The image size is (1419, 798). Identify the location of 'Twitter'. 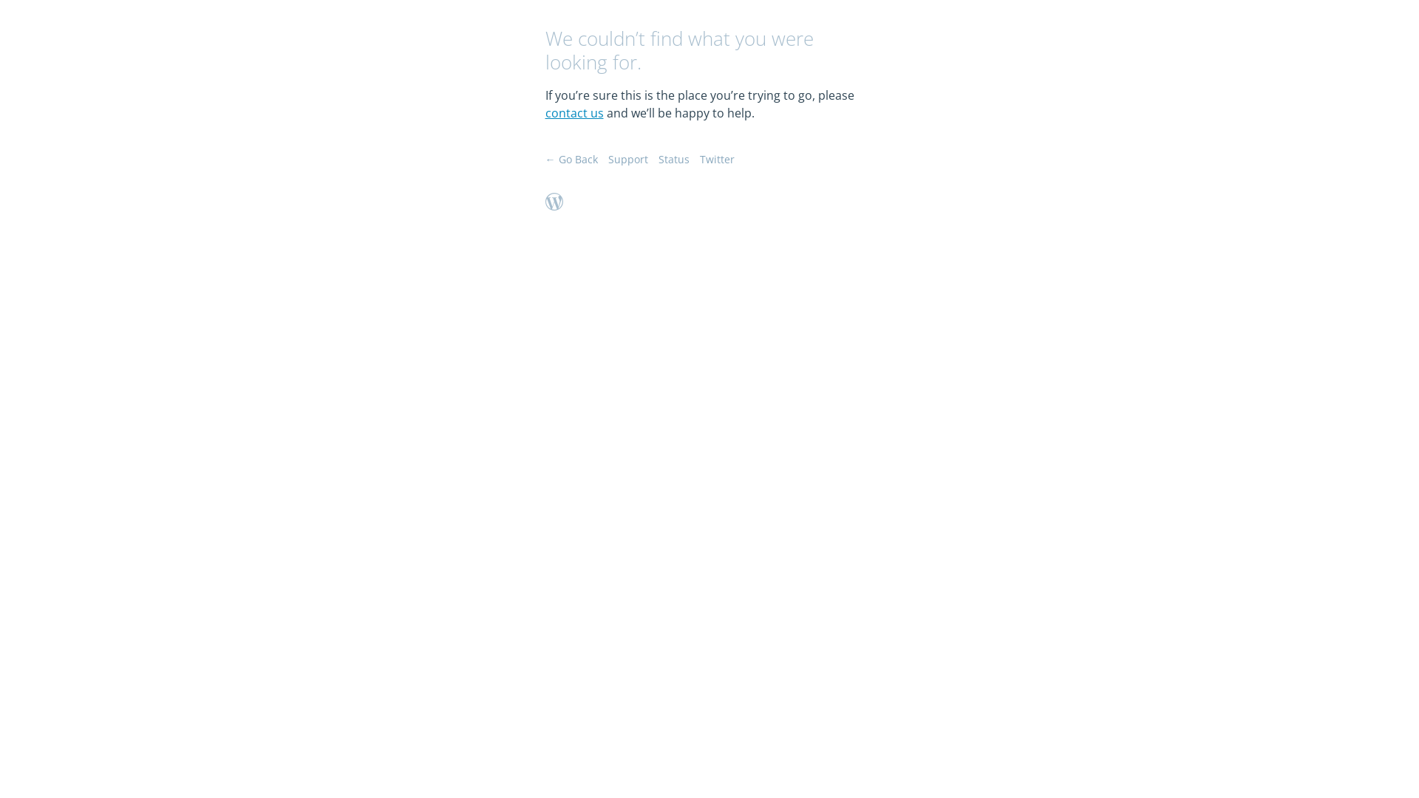
(716, 159).